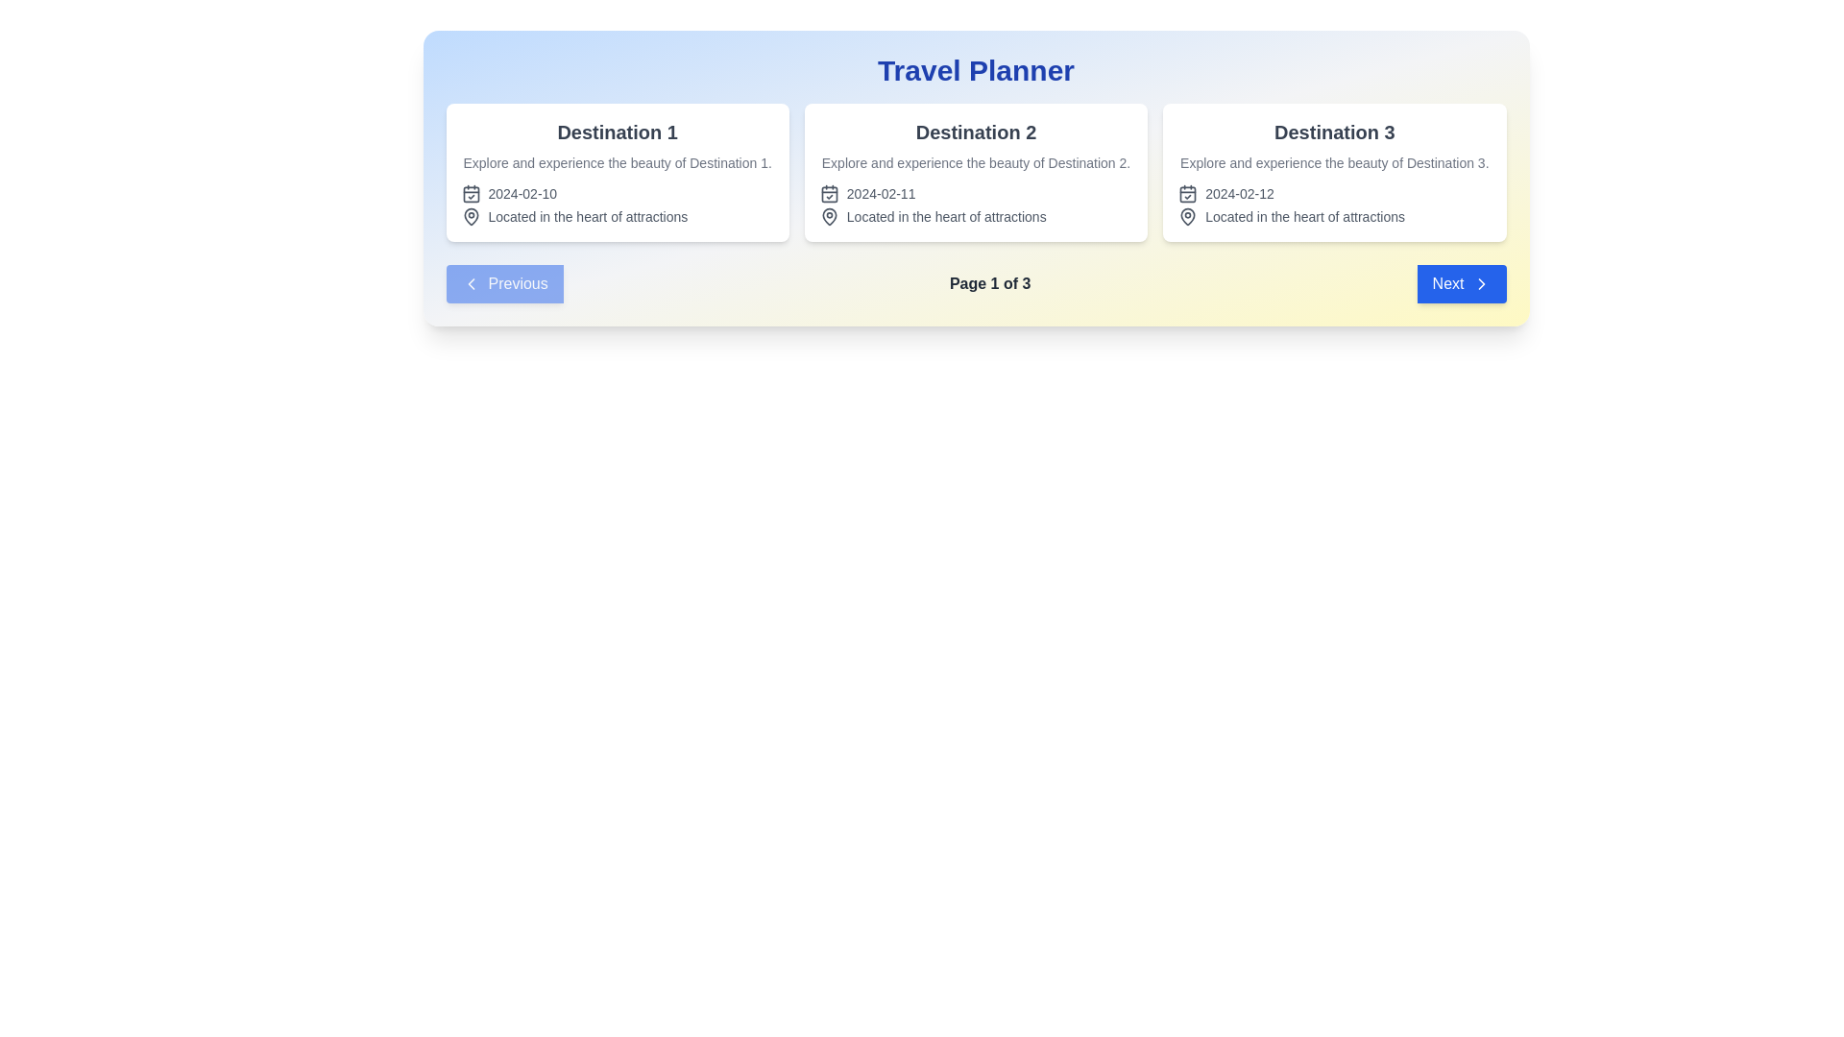 This screenshot has width=1844, height=1037. I want to click on the 'Next' button's directional icon, so click(1480, 284).